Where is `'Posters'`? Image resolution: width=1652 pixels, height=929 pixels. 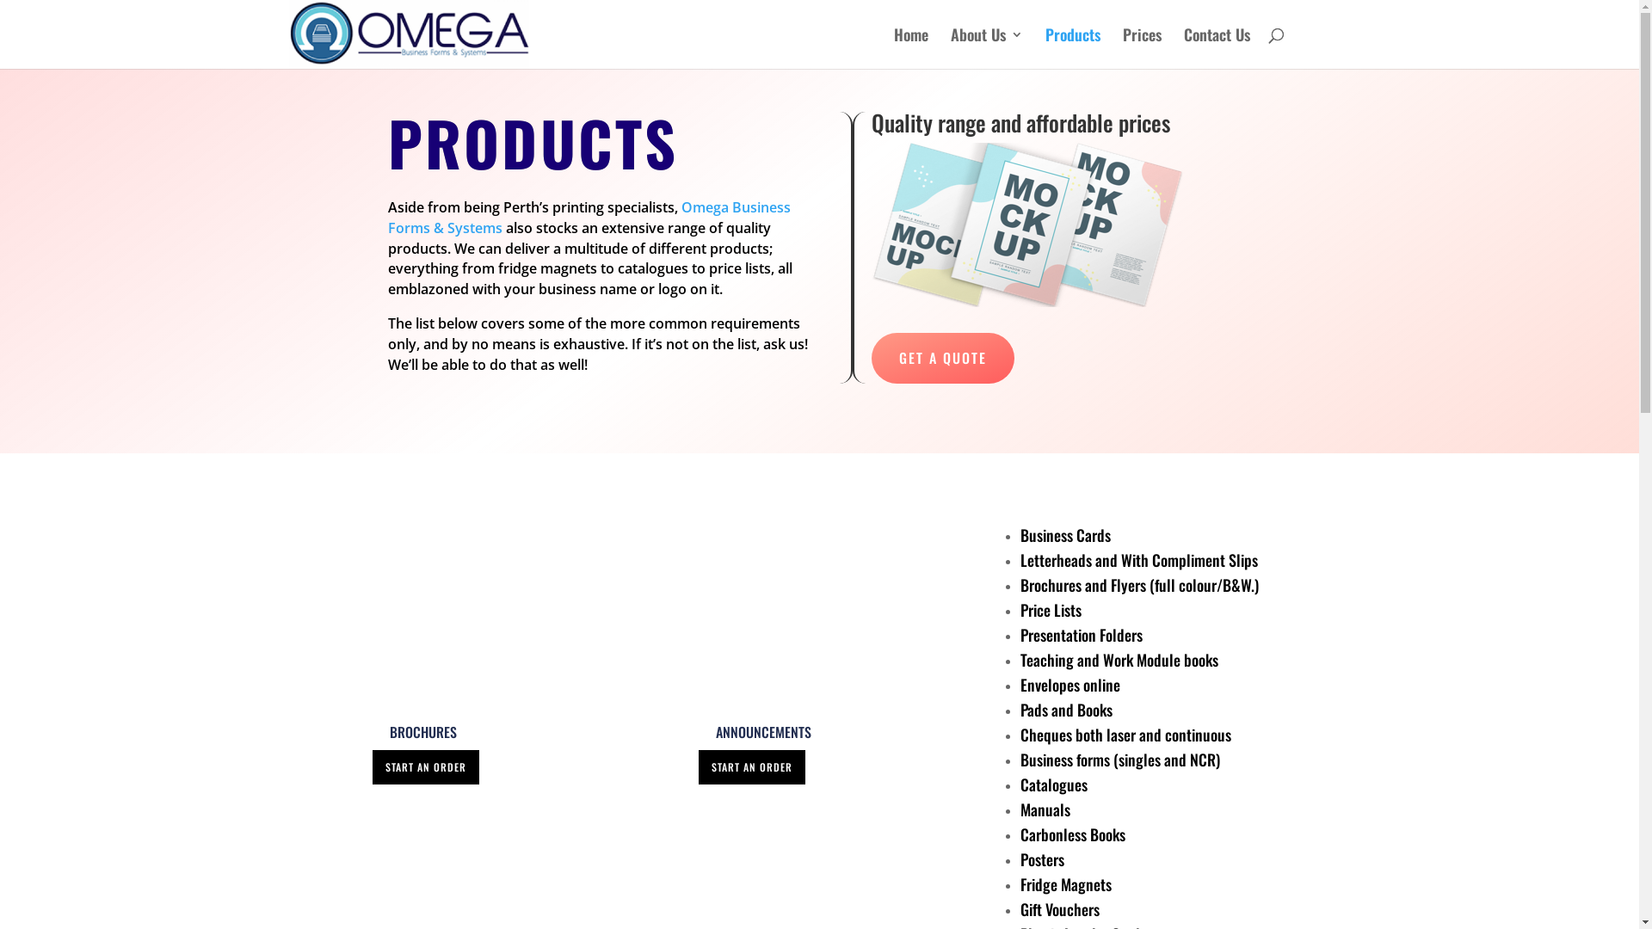 'Posters' is located at coordinates (1041, 859).